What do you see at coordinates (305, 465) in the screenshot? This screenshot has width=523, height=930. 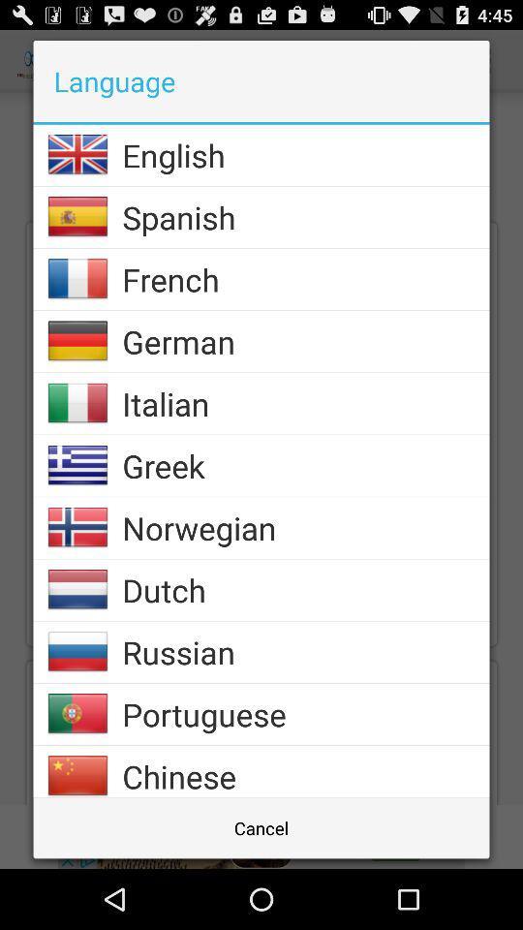 I see `icon below the italian item` at bounding box center [305, 465].